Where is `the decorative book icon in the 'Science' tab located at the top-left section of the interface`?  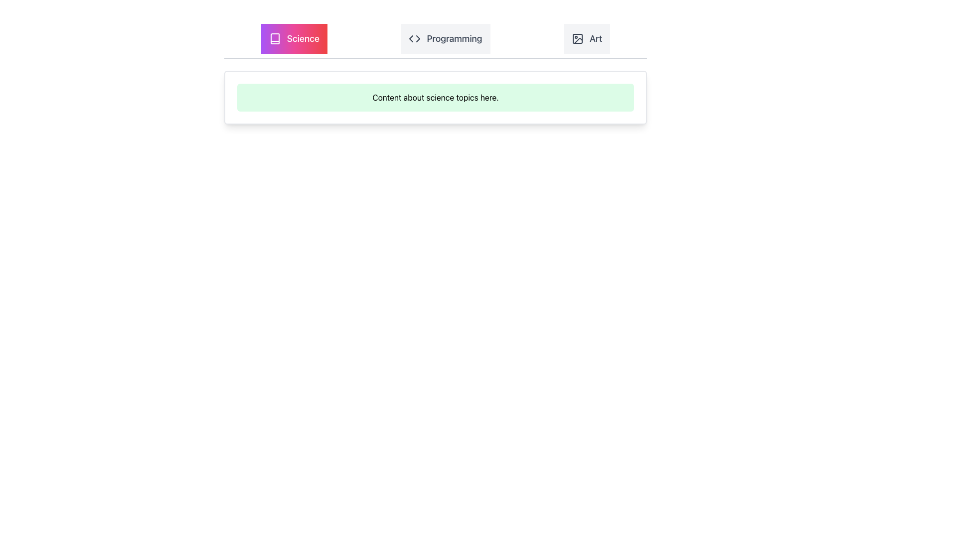
the decorative book icon in the 'Science' tab located at the top-left section of the interface is located at coordinates (275, 38).